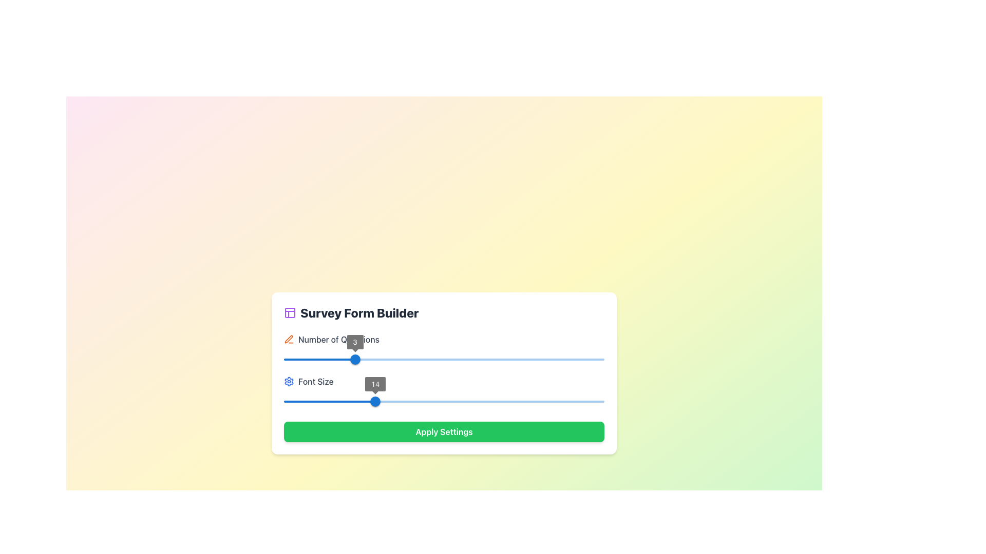 The height and width of the screenshot is (554, 986). I want to click on the Slider Indicator of the 'Number of Questions' slider, which shows the progress of the selected value and is positioned at approximately 22.2% of the slider's width, so click(319, 359).